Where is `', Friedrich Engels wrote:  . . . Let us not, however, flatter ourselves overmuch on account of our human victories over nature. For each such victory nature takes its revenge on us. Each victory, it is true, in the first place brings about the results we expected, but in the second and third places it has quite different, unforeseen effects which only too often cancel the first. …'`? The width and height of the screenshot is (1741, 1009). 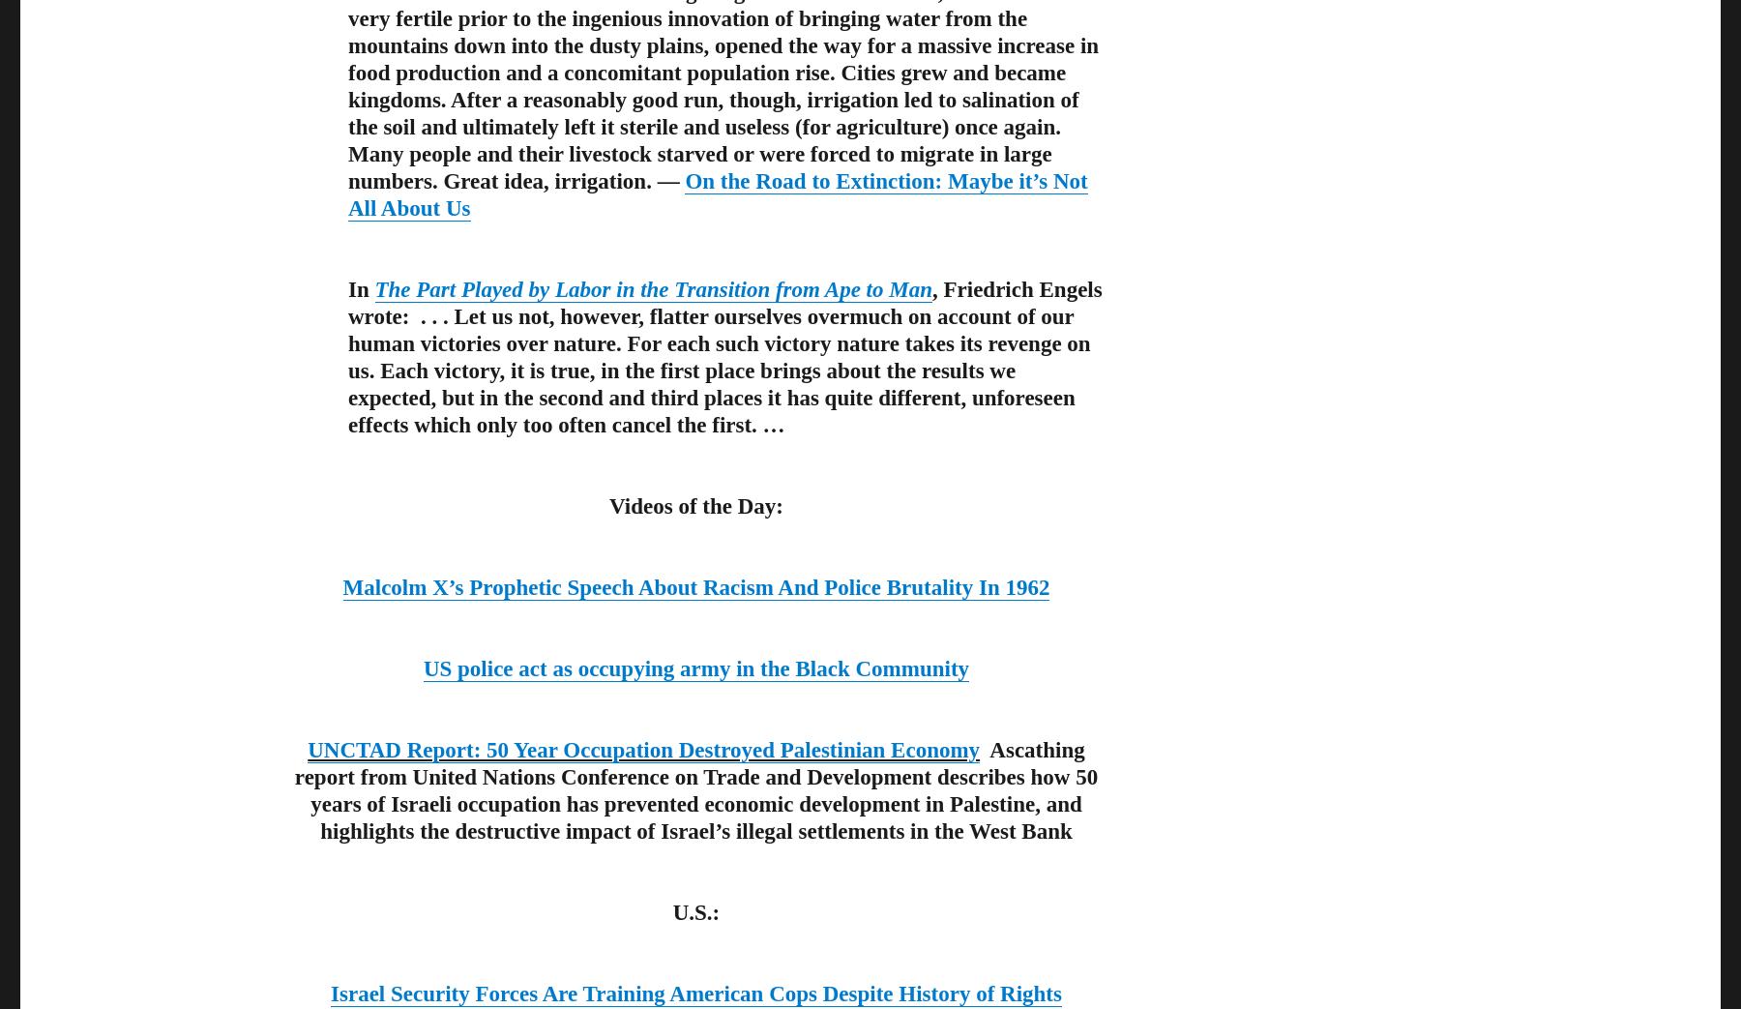 ', Friedrich Engels wrote:  . . . Let us not, however, flatter ourselves overmuch on account of our human victories over nature. For each such victory nature takes its revenge on us. Each victory, it is true, in the first place brings about the results we expected, but in the second and third places it has quite different, unforeseen effects which only too often cancel the first. …' is located at coordinates (723, 356).